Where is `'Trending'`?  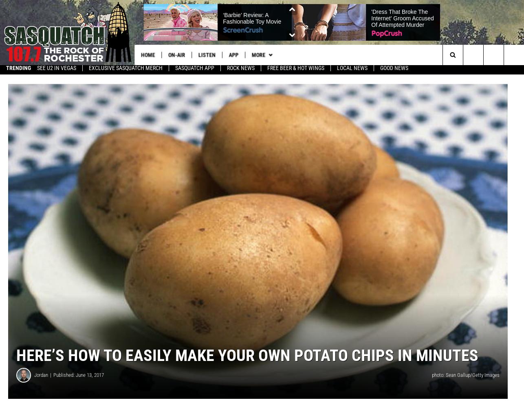 'Trending' is located at coordinates (18, 71).